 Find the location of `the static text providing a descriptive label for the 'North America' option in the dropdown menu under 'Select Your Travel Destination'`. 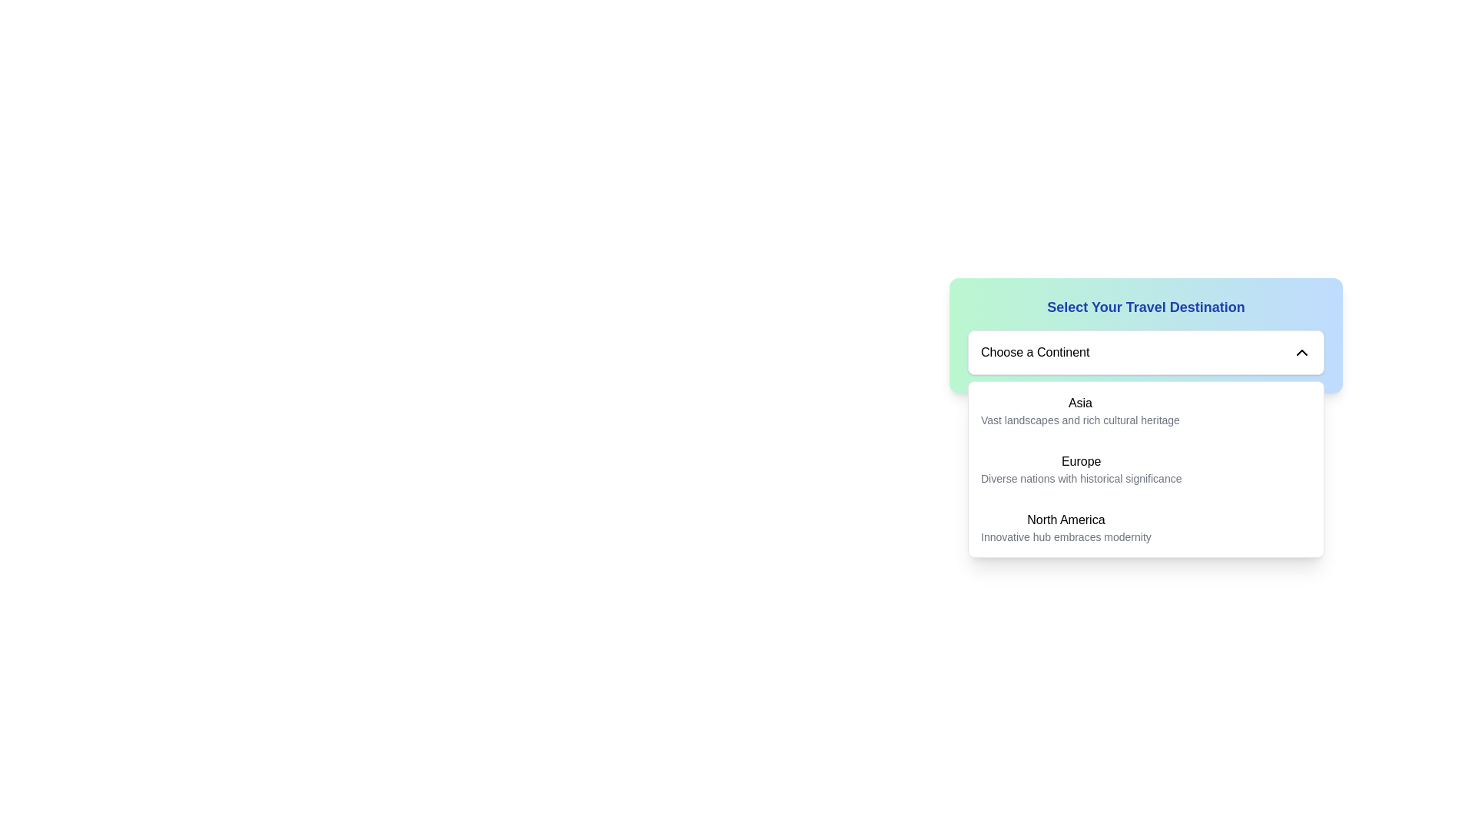

the static text providing a descriptive label for the 'North America' option in the dropdown menu under 'Select Your Travel Destination' is located at coordinates (1065, 536).